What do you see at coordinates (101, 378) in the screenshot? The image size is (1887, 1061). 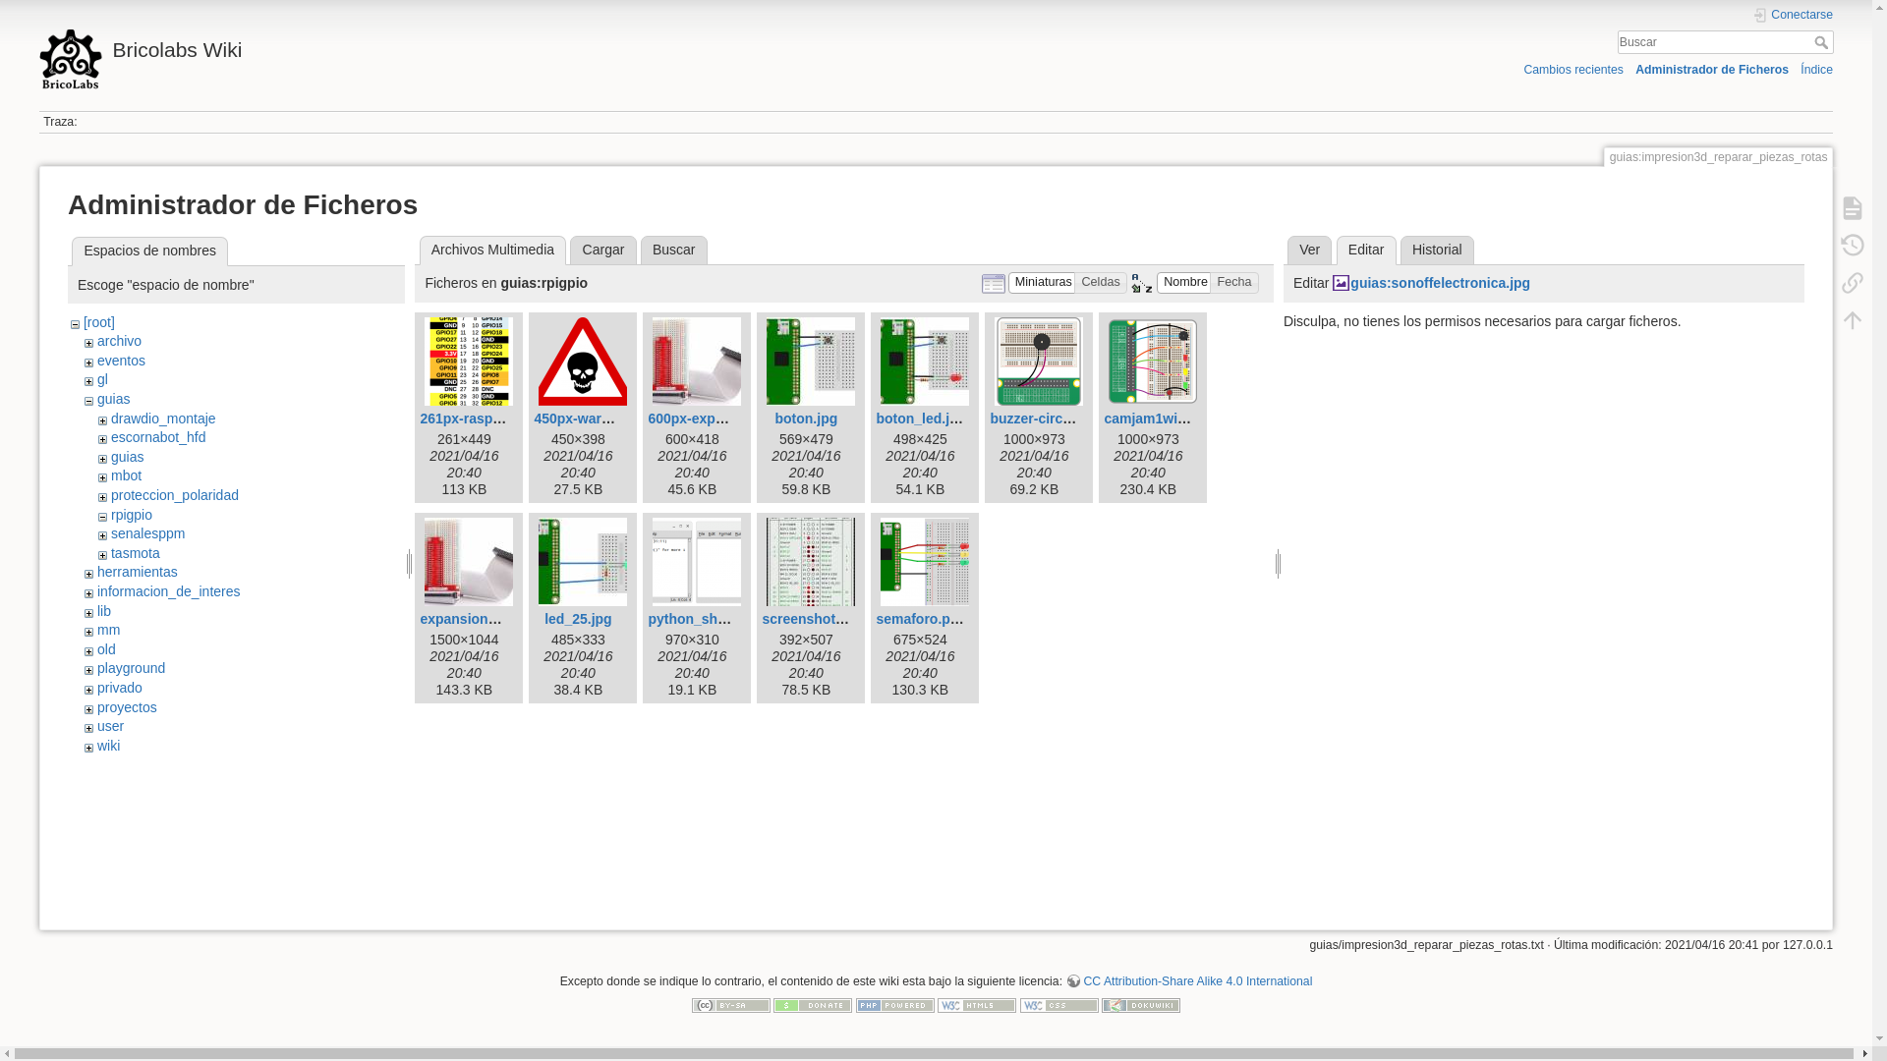 I see `'gl'` at bounding box center [101, 378].